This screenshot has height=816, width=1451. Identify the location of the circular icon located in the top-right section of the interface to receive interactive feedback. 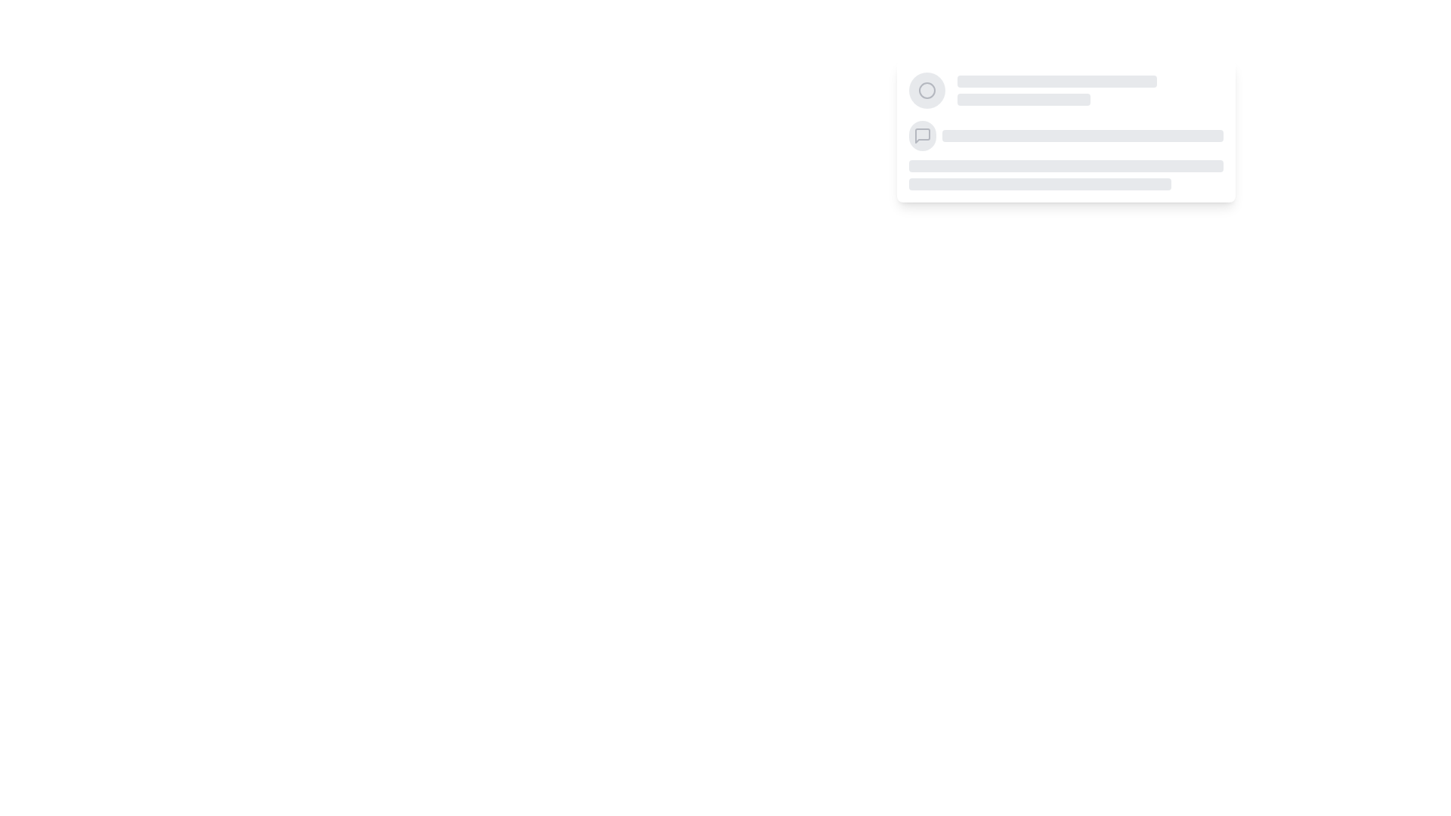
(927, 90).